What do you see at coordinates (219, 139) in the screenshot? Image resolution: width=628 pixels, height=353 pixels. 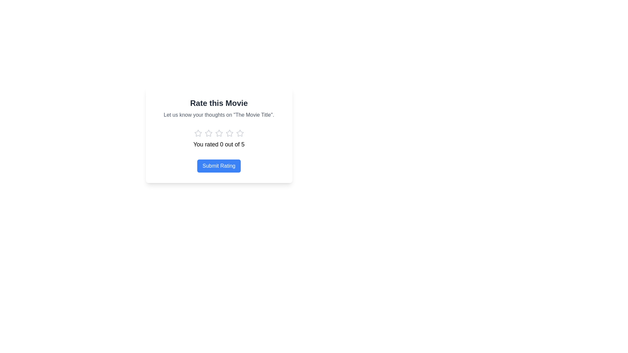 I see `the Informative text label that displays the user's current rating selection below the title 'Rate this Movie'` at bounding box center [219, 139].